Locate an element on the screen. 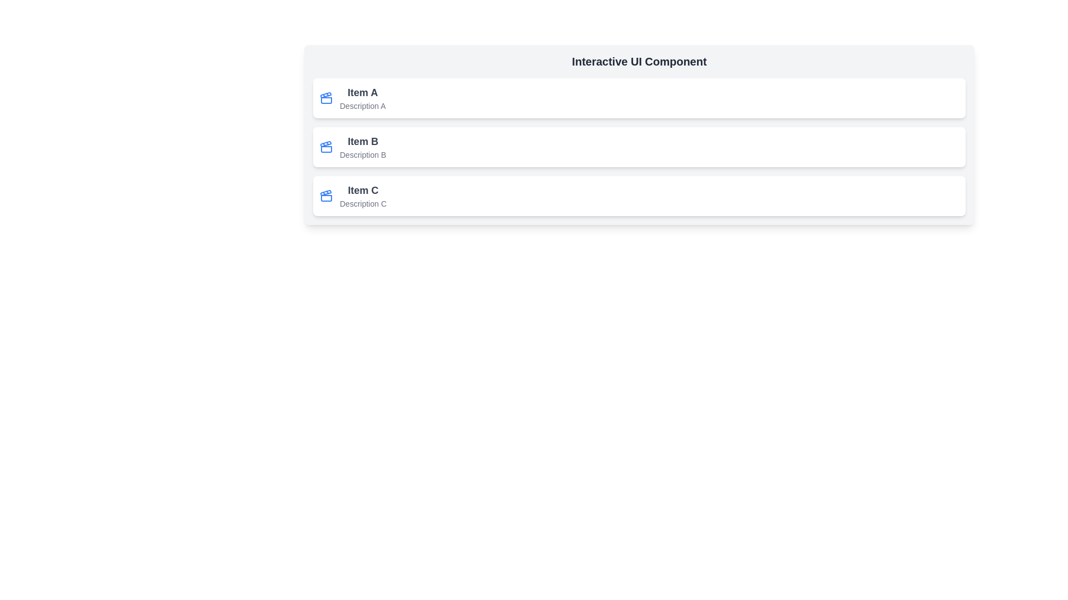  the text label reading 'Item C', which is styled with bold gray typography and serves as the primary heading for its section is located at coordinates (363, 190).